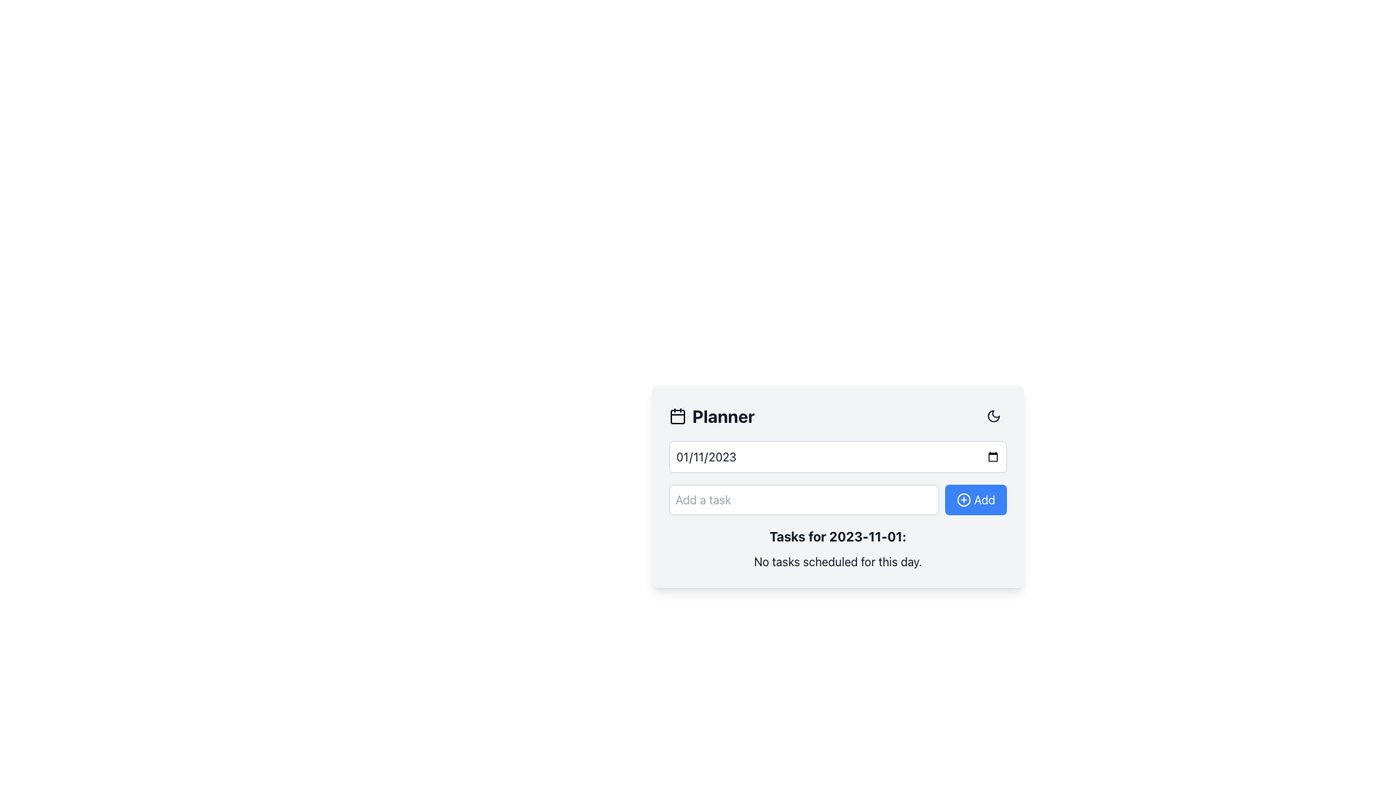  Describe the element at coordinates (964, 499) in the screenshot. I see `the circular plus icon located to the left of the 'Add' text on a blue button at the bottom right of the planner section` at that location.